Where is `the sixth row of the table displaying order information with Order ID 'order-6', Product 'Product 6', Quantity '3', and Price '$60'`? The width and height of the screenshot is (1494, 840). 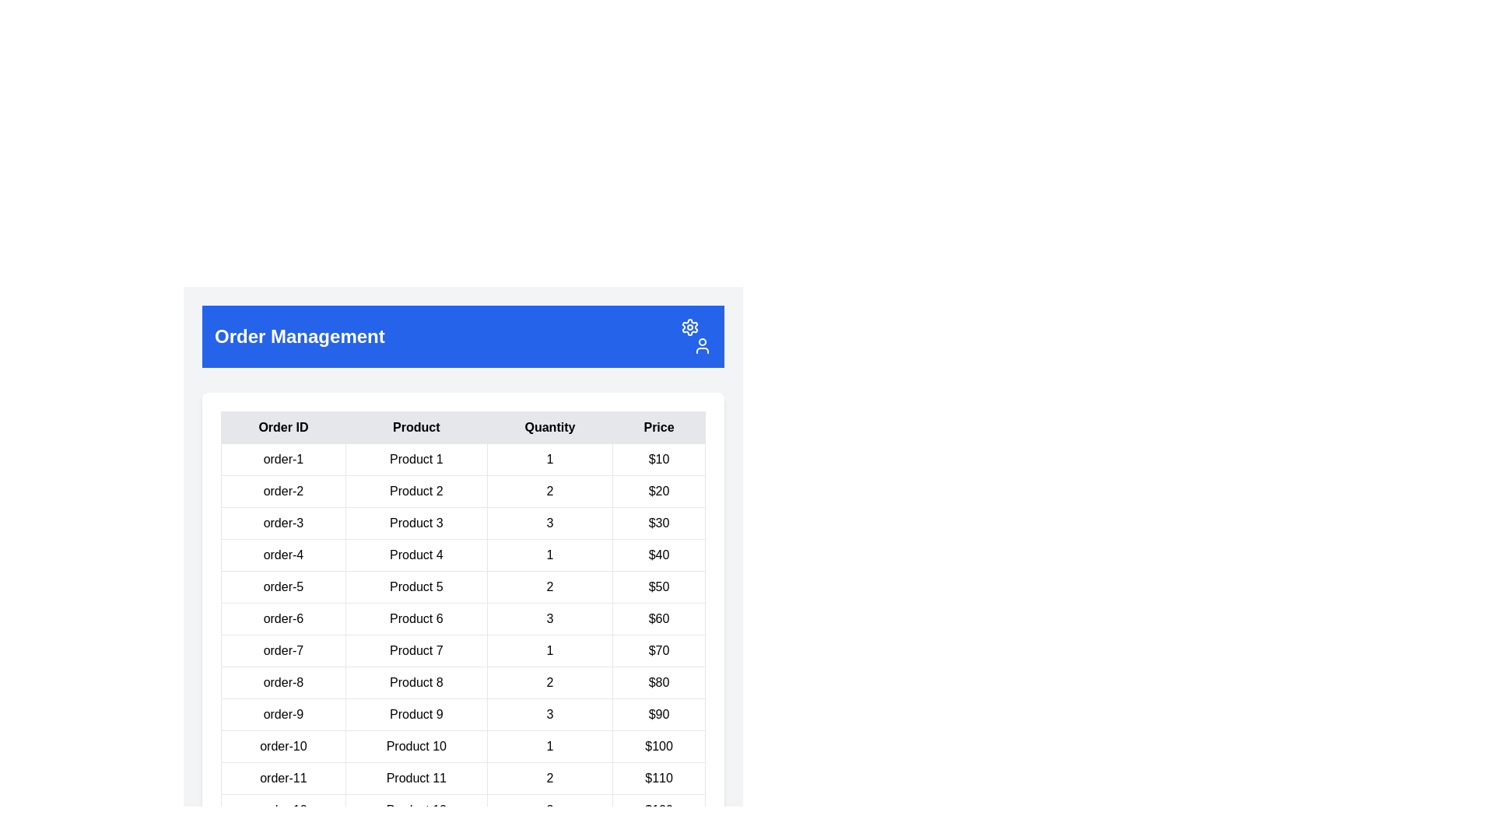
the sixth row of the table displaying order information with Order ID 'order-6', Product 'Product 6', Quantity '3', and Price '$60' is located at coordinates (462, 618).